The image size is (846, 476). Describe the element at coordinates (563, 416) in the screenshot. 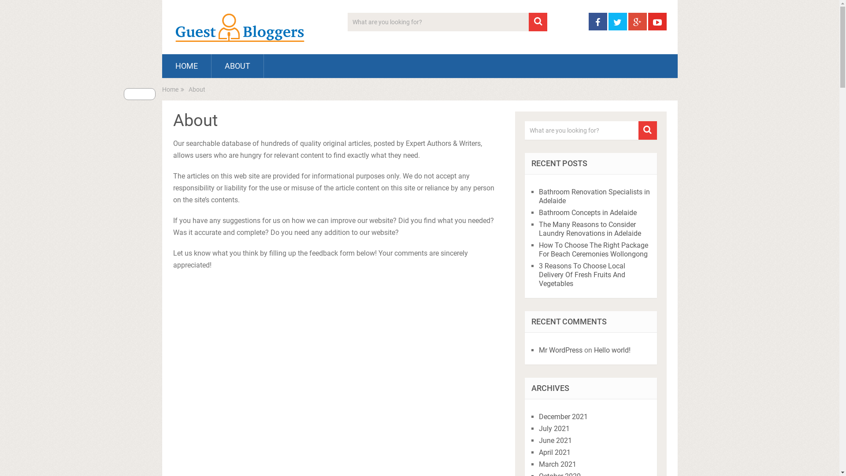

I see `'December 2021'` at that location.